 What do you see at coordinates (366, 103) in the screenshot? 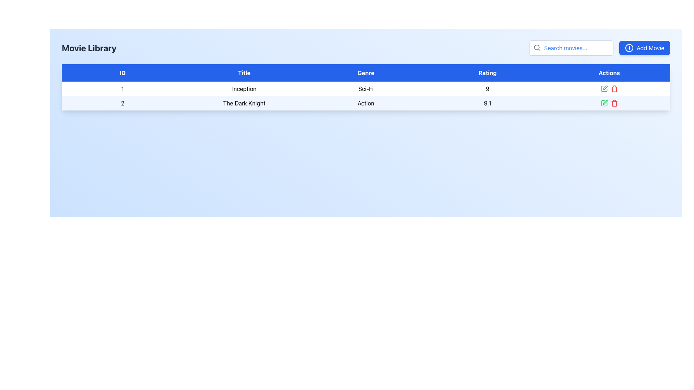
I see `the second row of the data table displaying the movie record for 'The Dark Knight'` at bounding box center [366, 103].